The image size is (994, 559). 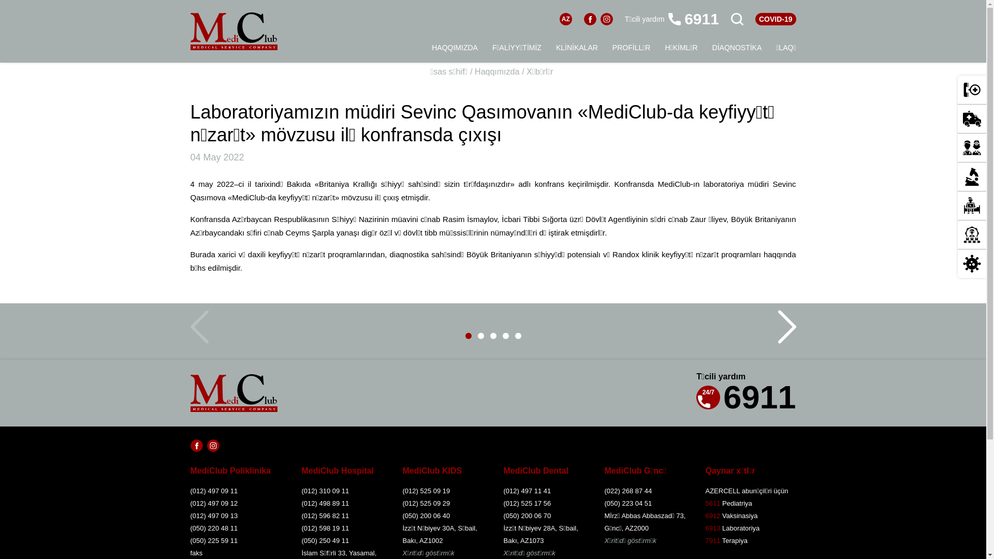 I want to click on '(012) 525 17 56', so click(x=544, y=503).